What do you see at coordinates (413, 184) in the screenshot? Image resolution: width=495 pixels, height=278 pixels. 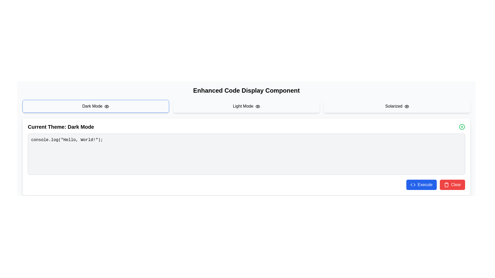 I see `the SVG icon within the 'Execute' button` at bounding box center [413, 184].